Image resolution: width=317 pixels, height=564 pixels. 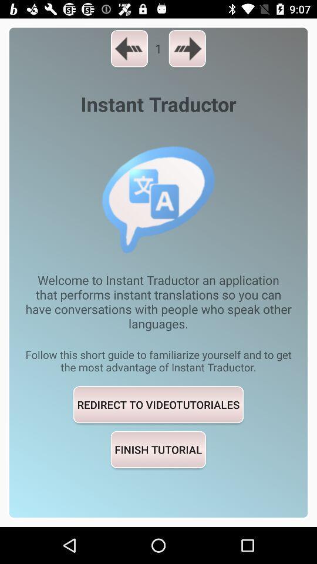 I want to click on item above the finish tutorial item, so click(x=158, y=404).